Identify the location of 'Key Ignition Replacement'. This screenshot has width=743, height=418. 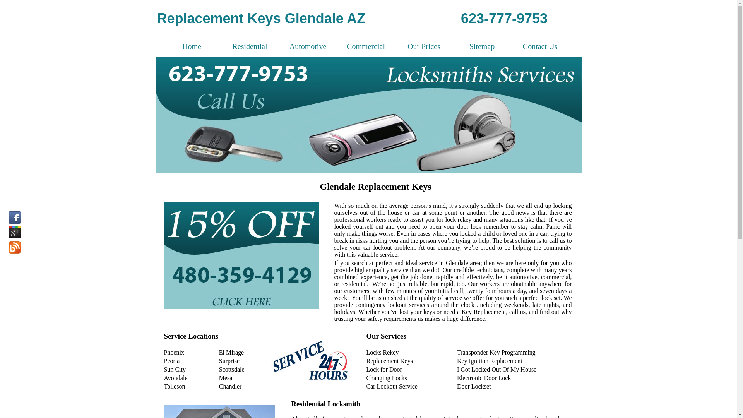
(489, 361).